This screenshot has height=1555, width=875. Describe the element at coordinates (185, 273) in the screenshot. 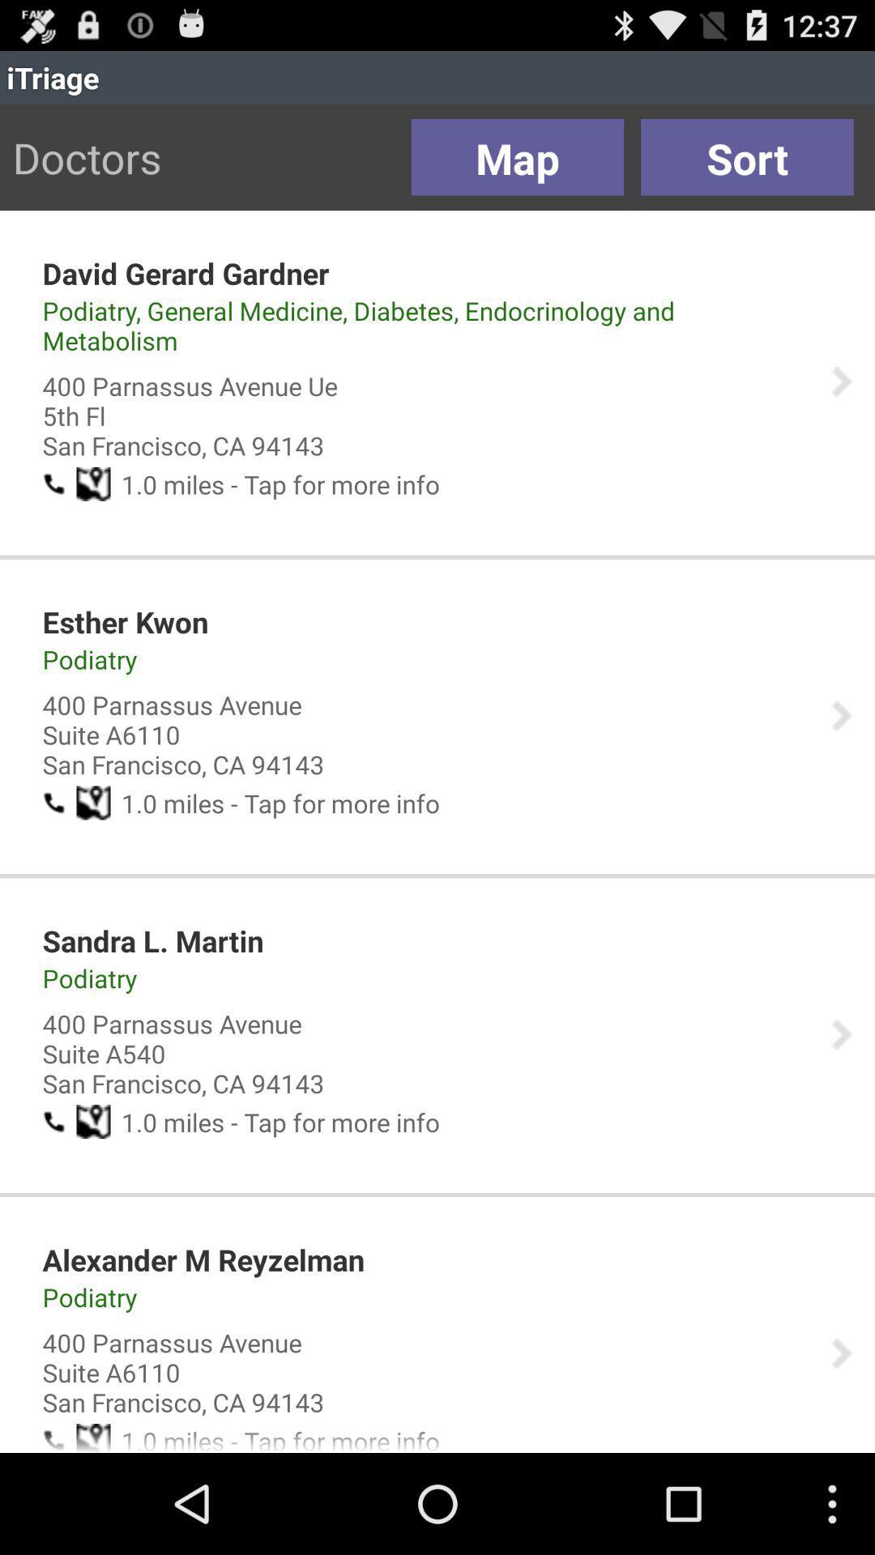

I see `the icon below doctors` at that location.